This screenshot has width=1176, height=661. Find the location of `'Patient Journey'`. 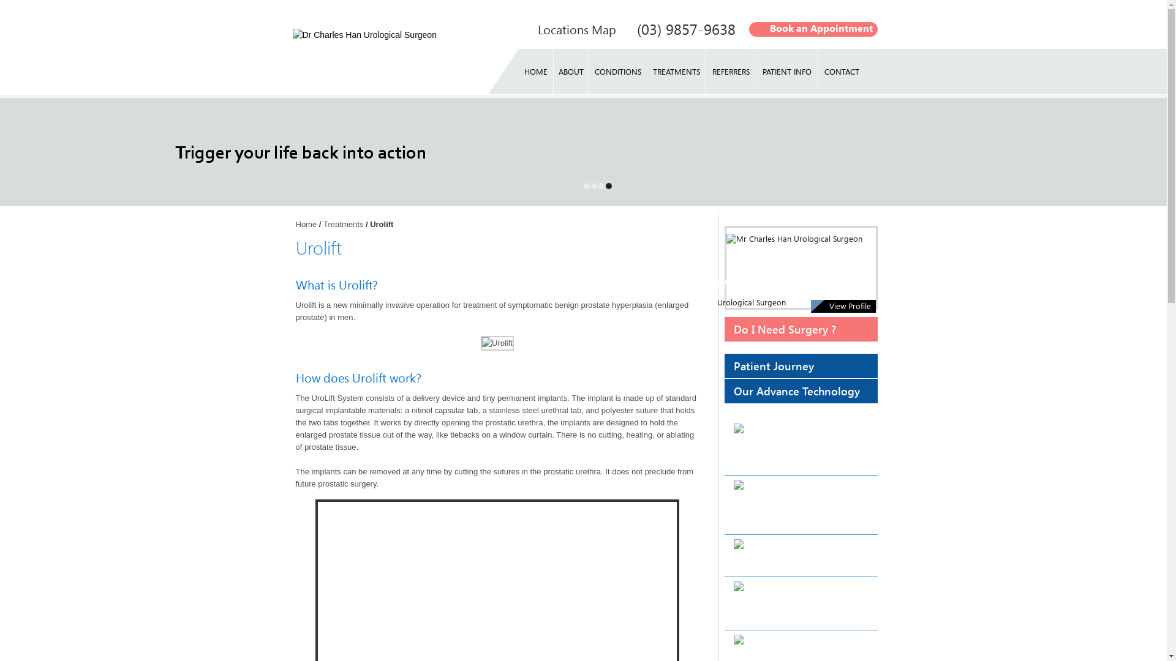

'Patient Journey' is located at coordinates (800, 365).